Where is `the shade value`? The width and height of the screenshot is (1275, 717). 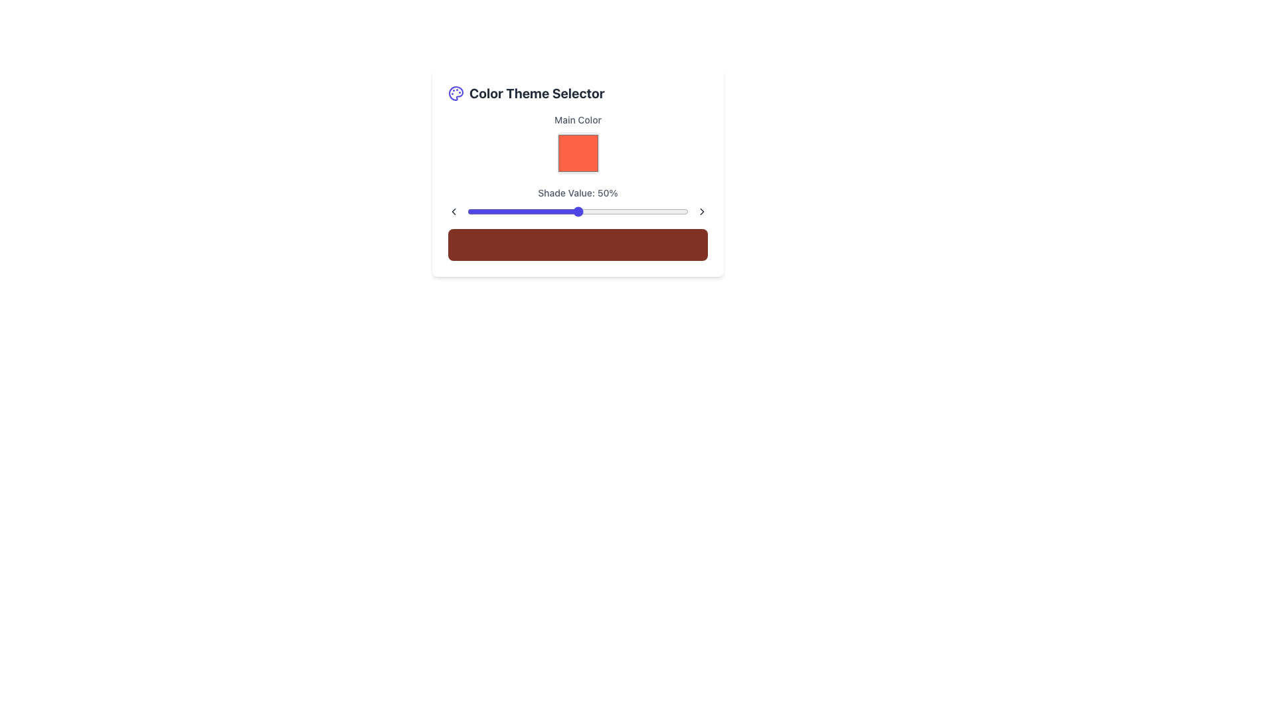 the shade value is located at coordinates (639, 211).